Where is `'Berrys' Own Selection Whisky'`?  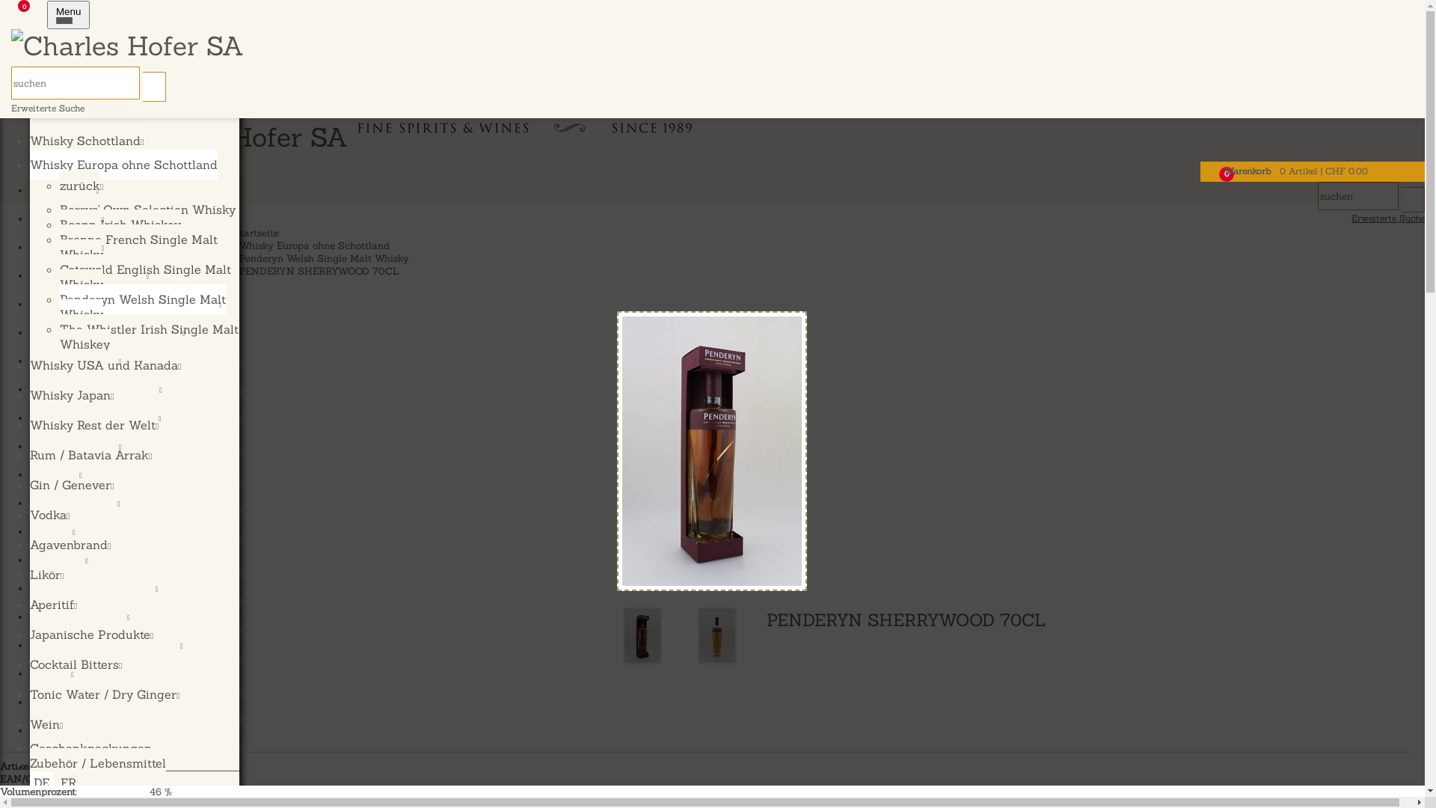 'Berrys' Own Selection Whisky' is located at coordinates (147, 209).